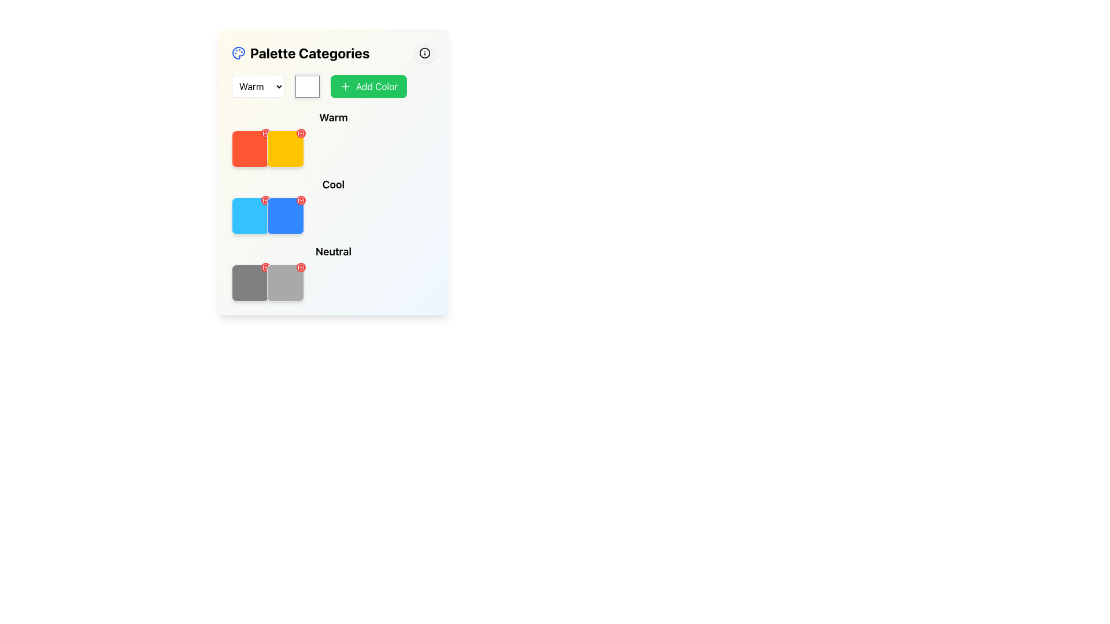 The height and width of the screenshot is (624, 1110). What do you see at coordinates (301, 53) in the screenshot?
I see `the 'Palette Categories' text heading, which is styled in bold black text and located at the top-left corner of a grouped section, adjacent to a circular blue palette icon` at bounding box center [301, 53].